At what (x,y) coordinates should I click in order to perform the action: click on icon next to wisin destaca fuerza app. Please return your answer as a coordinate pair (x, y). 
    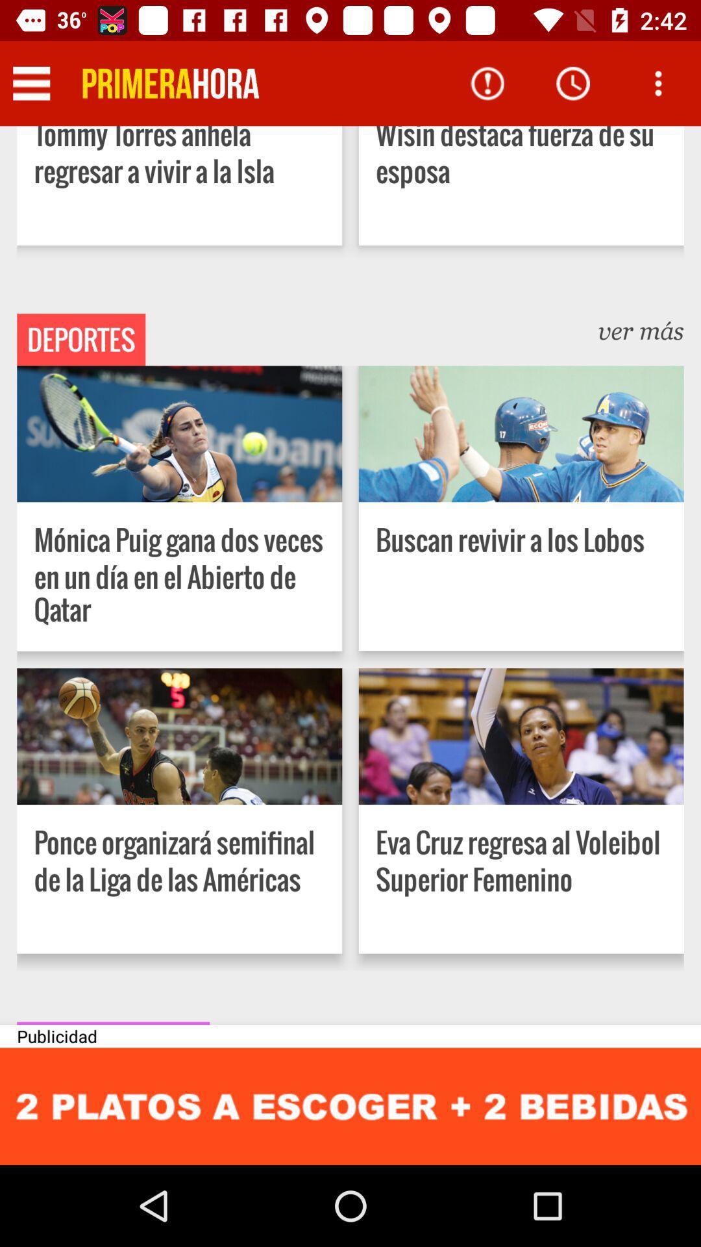
    Looking at the image, I should click on (170, 82).